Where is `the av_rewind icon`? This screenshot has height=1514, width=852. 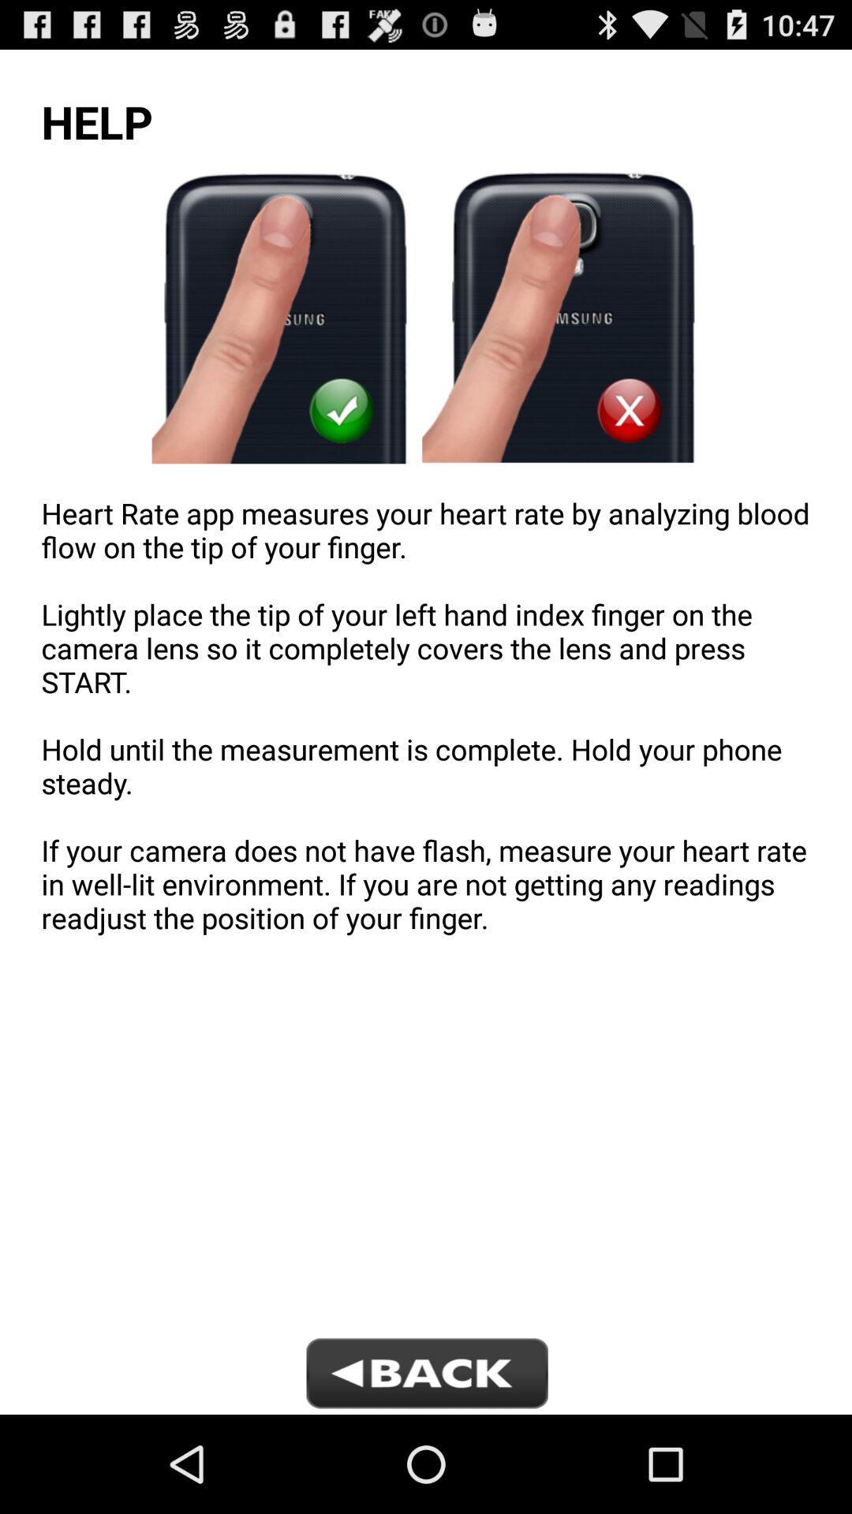 the av_rewind icon is located at coordinates (426, 1471).